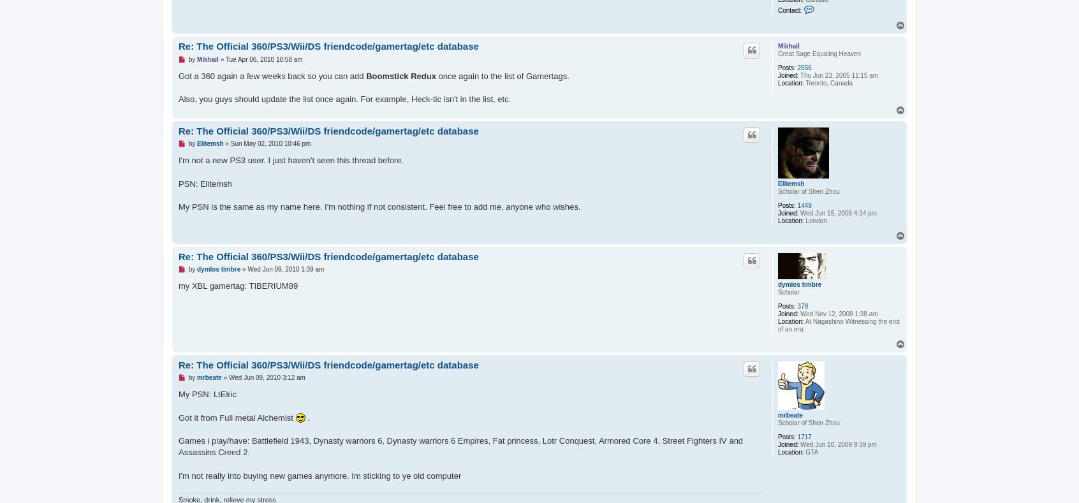  Describe the element at coordinates (502, 75) in the screenshot. I see `'once again to the list of Gamertags.'` at that location.